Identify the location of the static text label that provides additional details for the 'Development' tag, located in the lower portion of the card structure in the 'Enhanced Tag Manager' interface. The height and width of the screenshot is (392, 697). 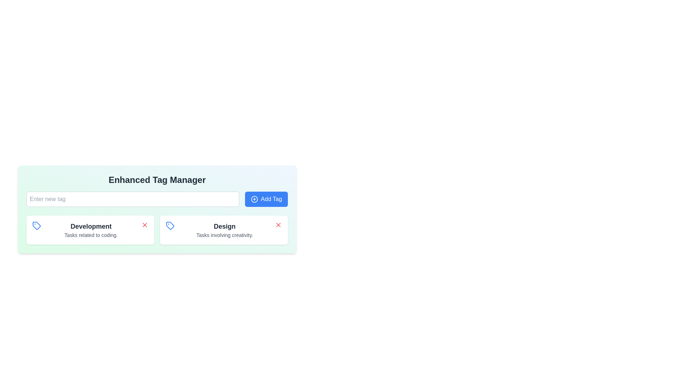
(90, 235).